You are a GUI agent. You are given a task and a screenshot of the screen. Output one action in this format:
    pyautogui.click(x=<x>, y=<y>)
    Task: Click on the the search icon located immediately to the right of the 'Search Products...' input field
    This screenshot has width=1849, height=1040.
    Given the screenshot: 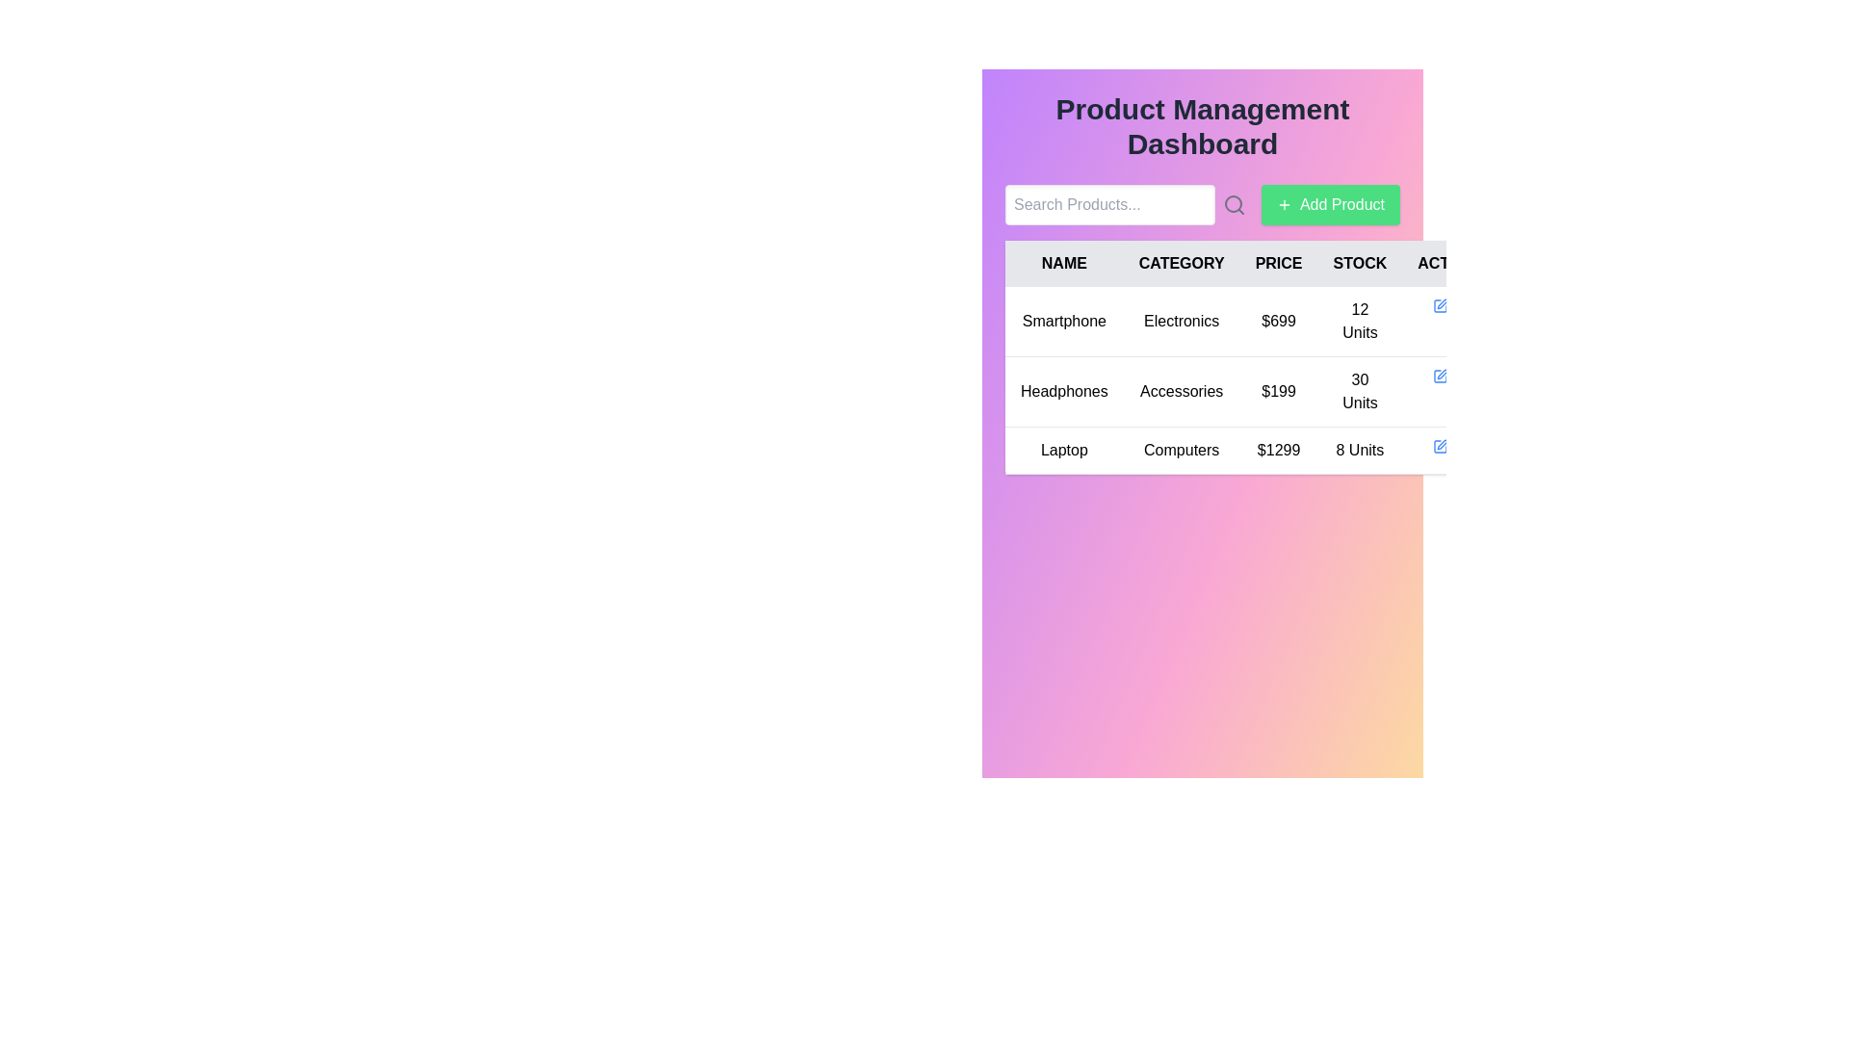 What is the action you would take?
    pyautogui.click(x=1234, y=204)
    